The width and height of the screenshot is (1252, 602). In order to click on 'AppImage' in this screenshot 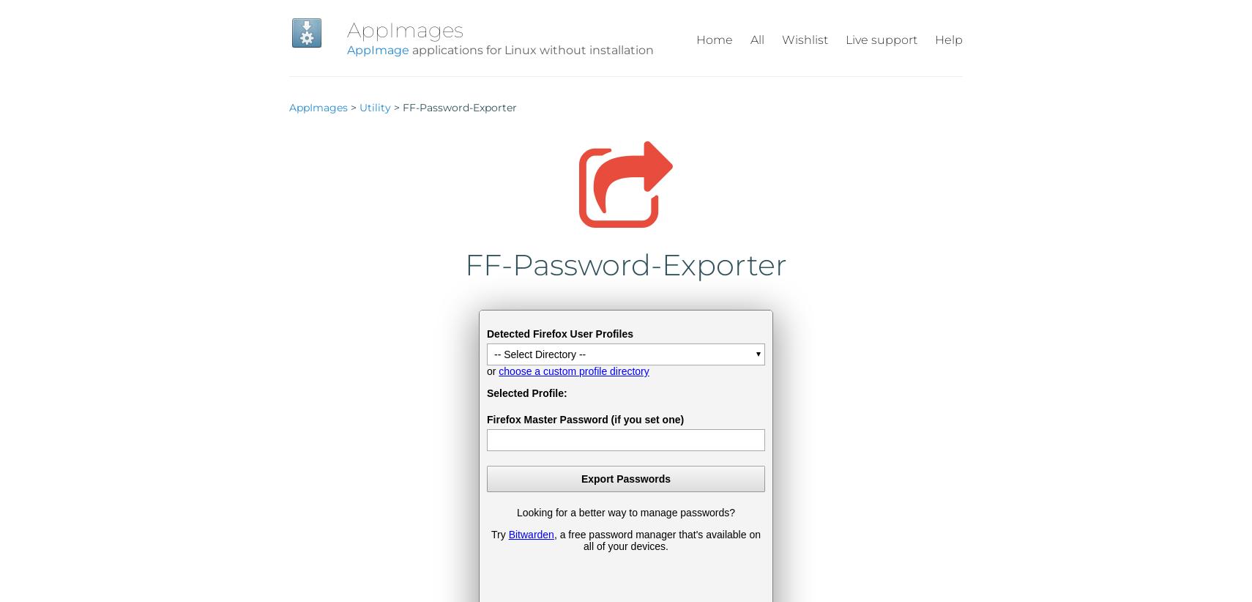, I will do `click(378, 50)`.